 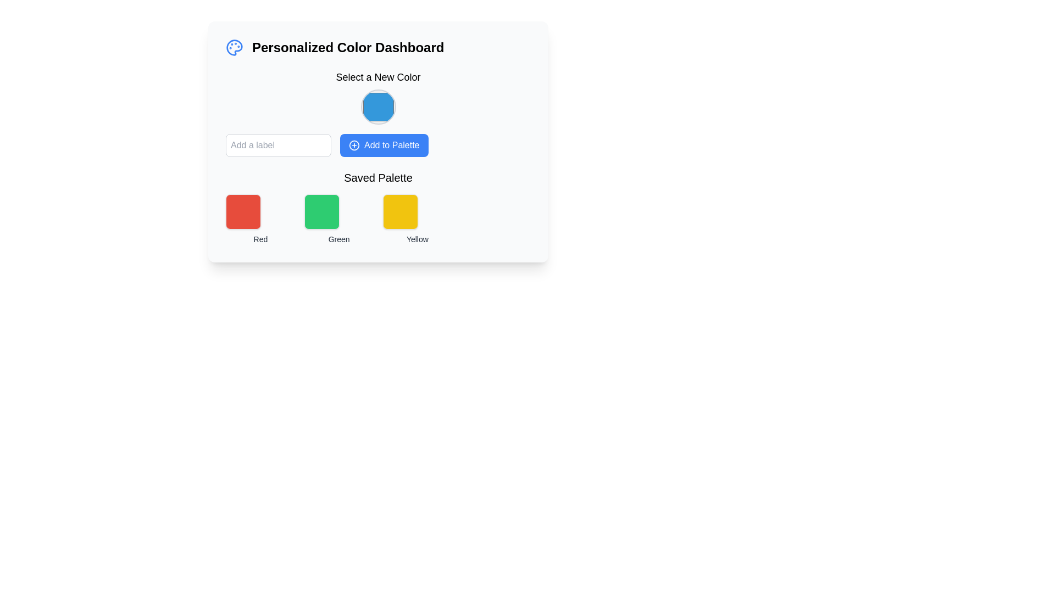 I want to click on the 'Yellow' color swatch in the user's palette, so click(x=417, y=220).